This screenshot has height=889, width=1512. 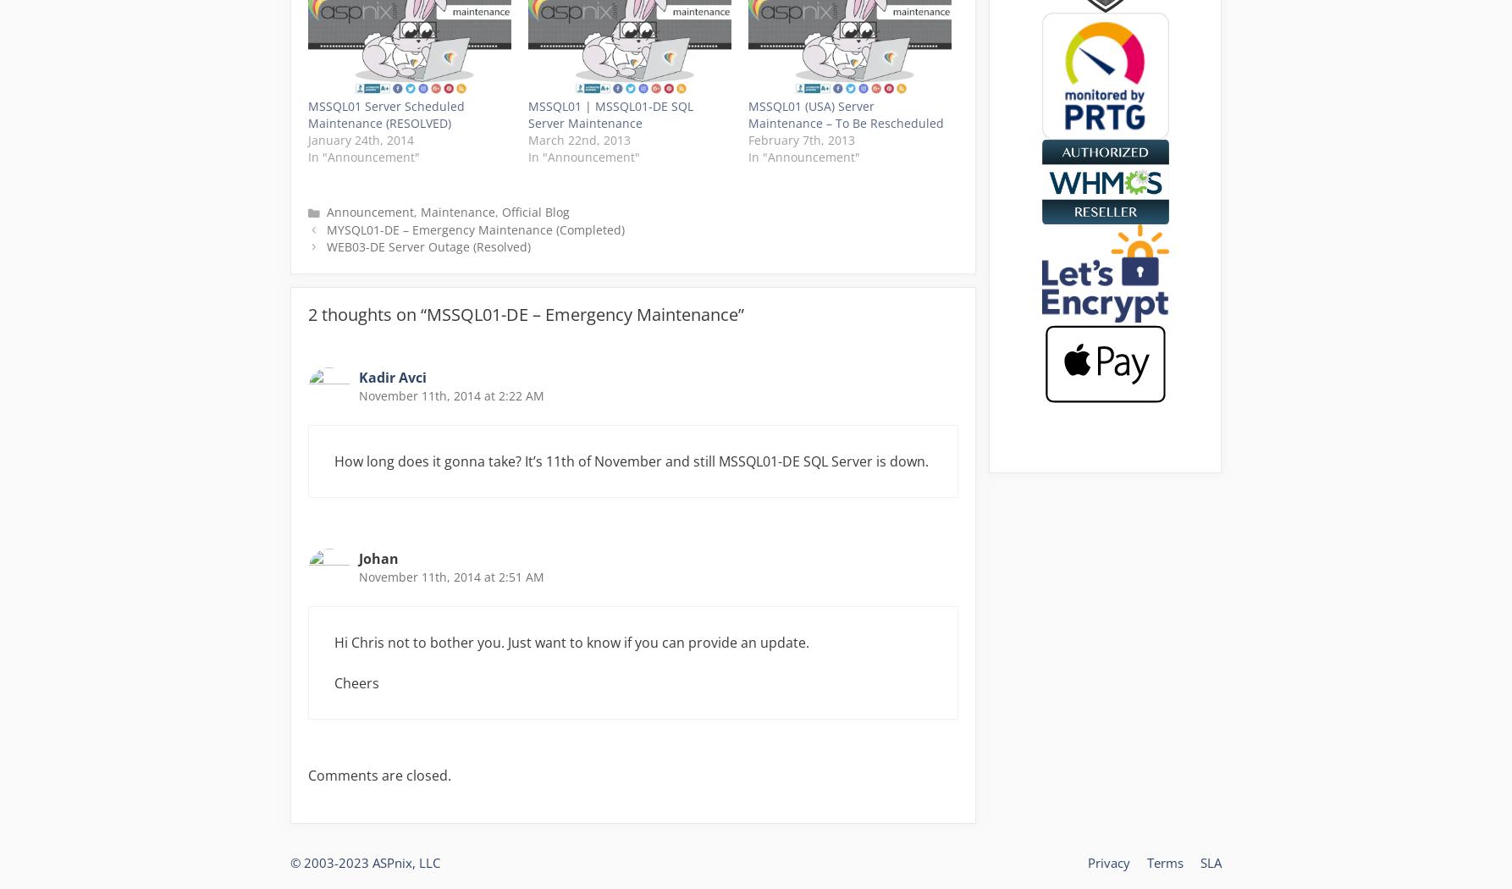 What do you see at coordinates (450, 576) in the screenshot?
I see `'November 11th, 2014 at 2:51 AM'` at bounding box center [450, 576].